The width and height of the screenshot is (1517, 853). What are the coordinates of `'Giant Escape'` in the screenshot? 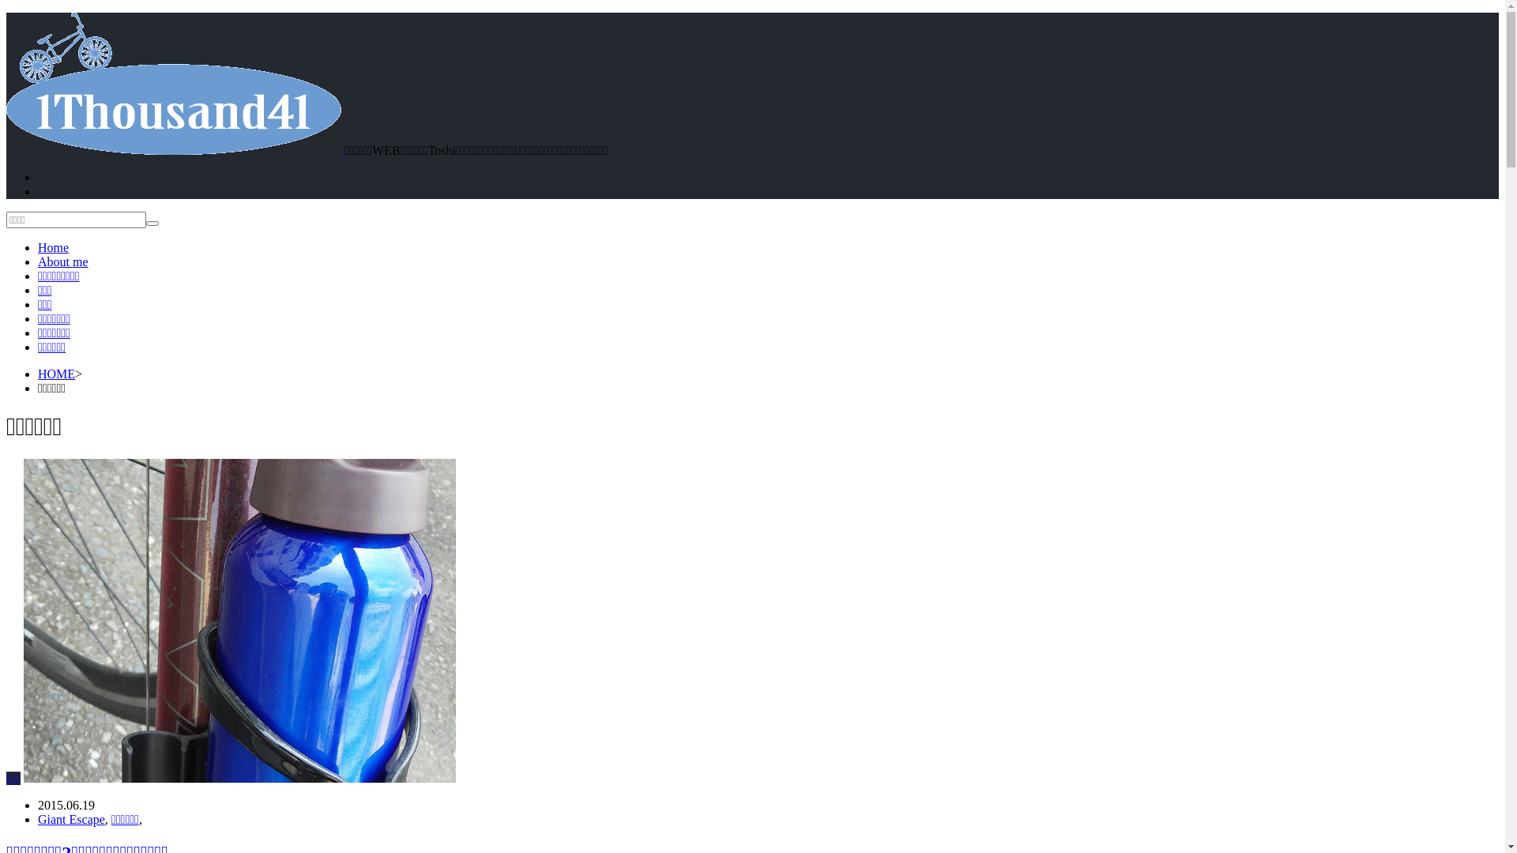 It's located at (38, 818).